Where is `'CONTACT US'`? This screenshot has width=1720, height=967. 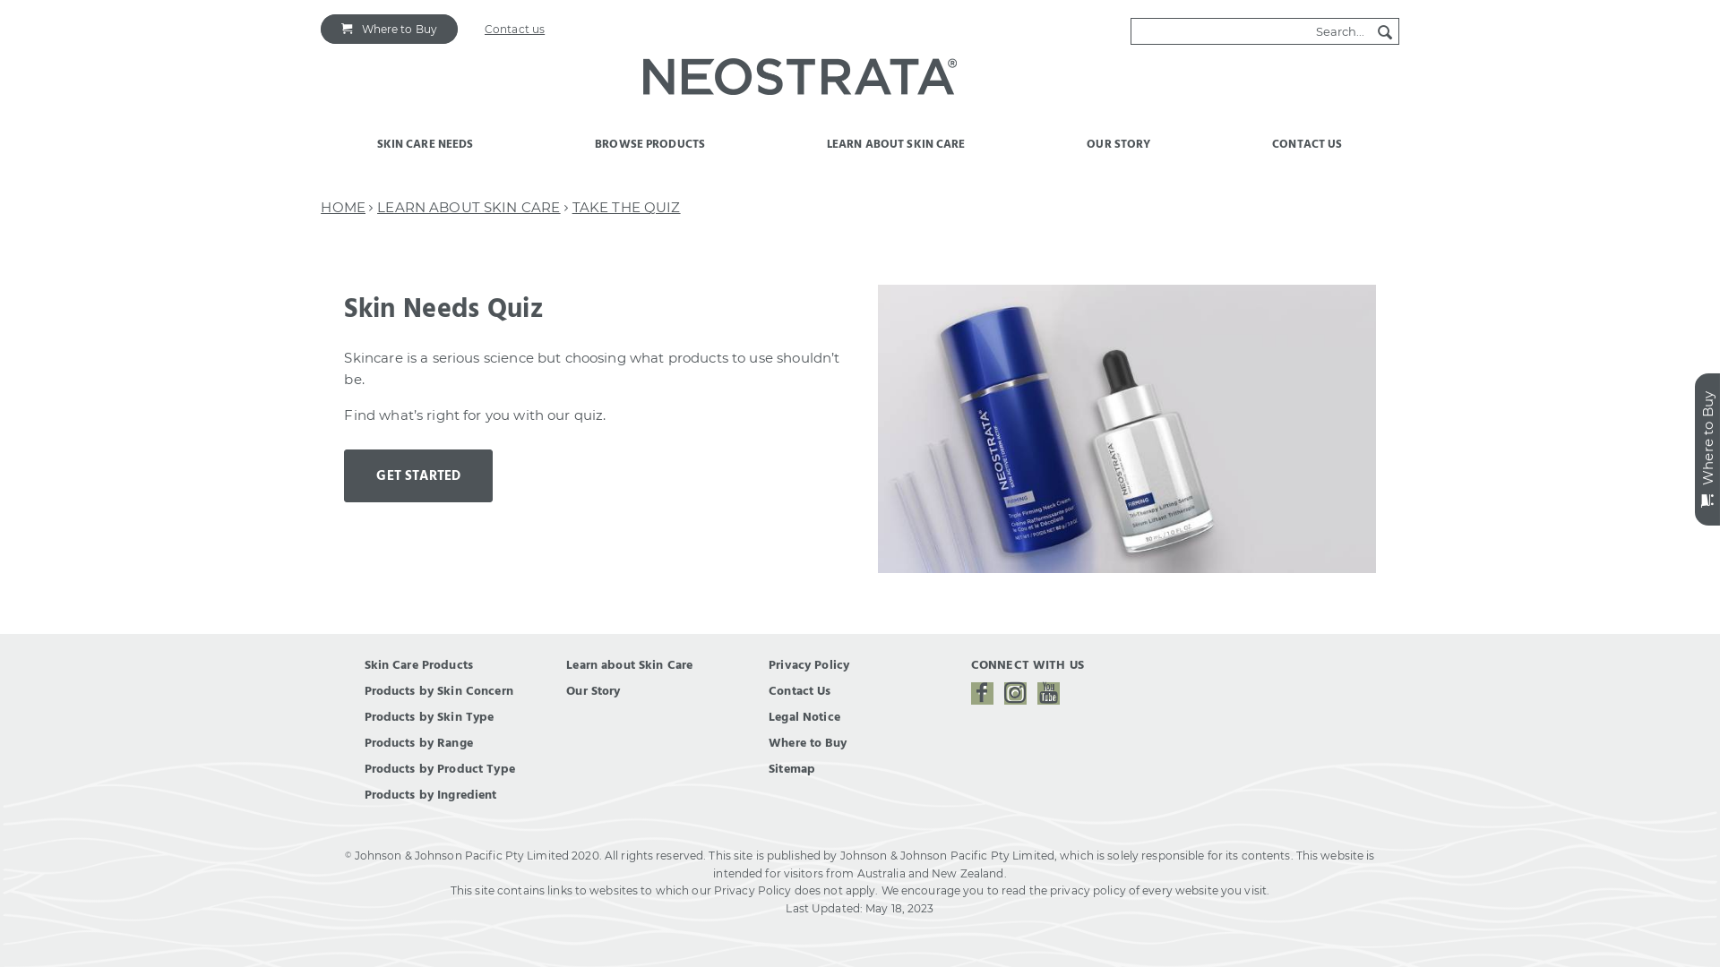 'CONTACT US' is located at coordinates (1307, 153).